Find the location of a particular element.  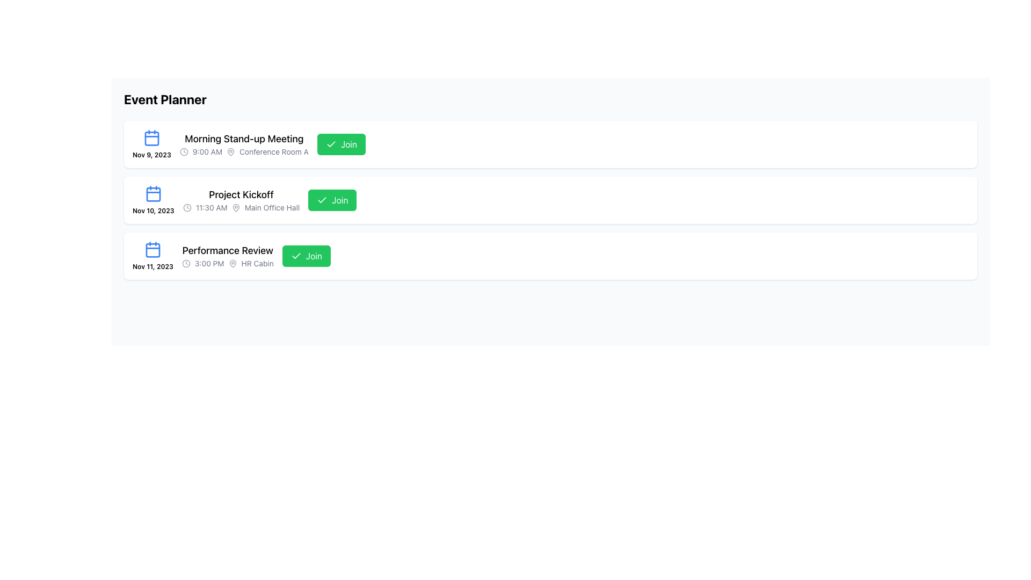

the decorative checkmark icon within the 'Join' button for the 'Performance Review' event, located towards the right-hand side of the button is located at coordinates (296, 256).